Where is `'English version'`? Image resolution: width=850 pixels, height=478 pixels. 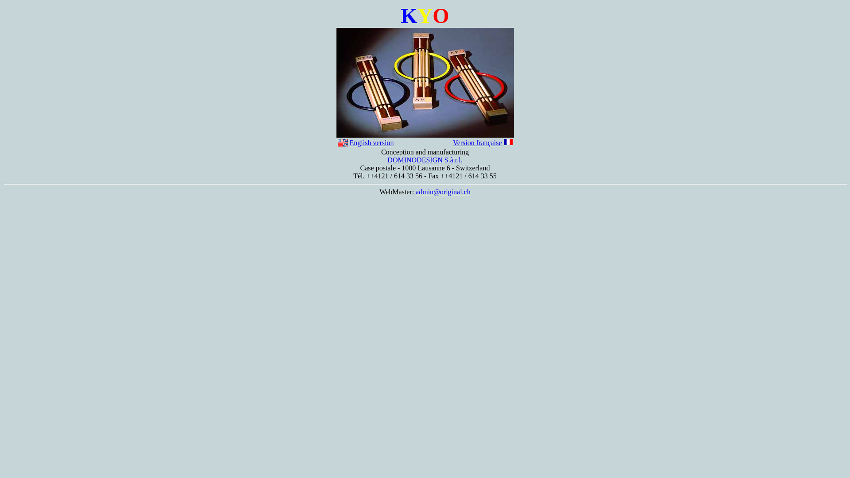 'English version' is located at coordinates (372, 142).